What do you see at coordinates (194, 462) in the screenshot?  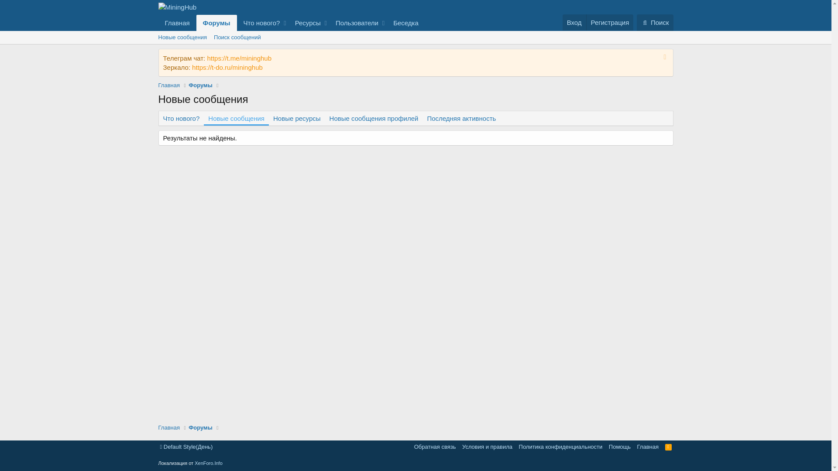 I see `'XenForo.Info'` at bounding box center [194, 462].